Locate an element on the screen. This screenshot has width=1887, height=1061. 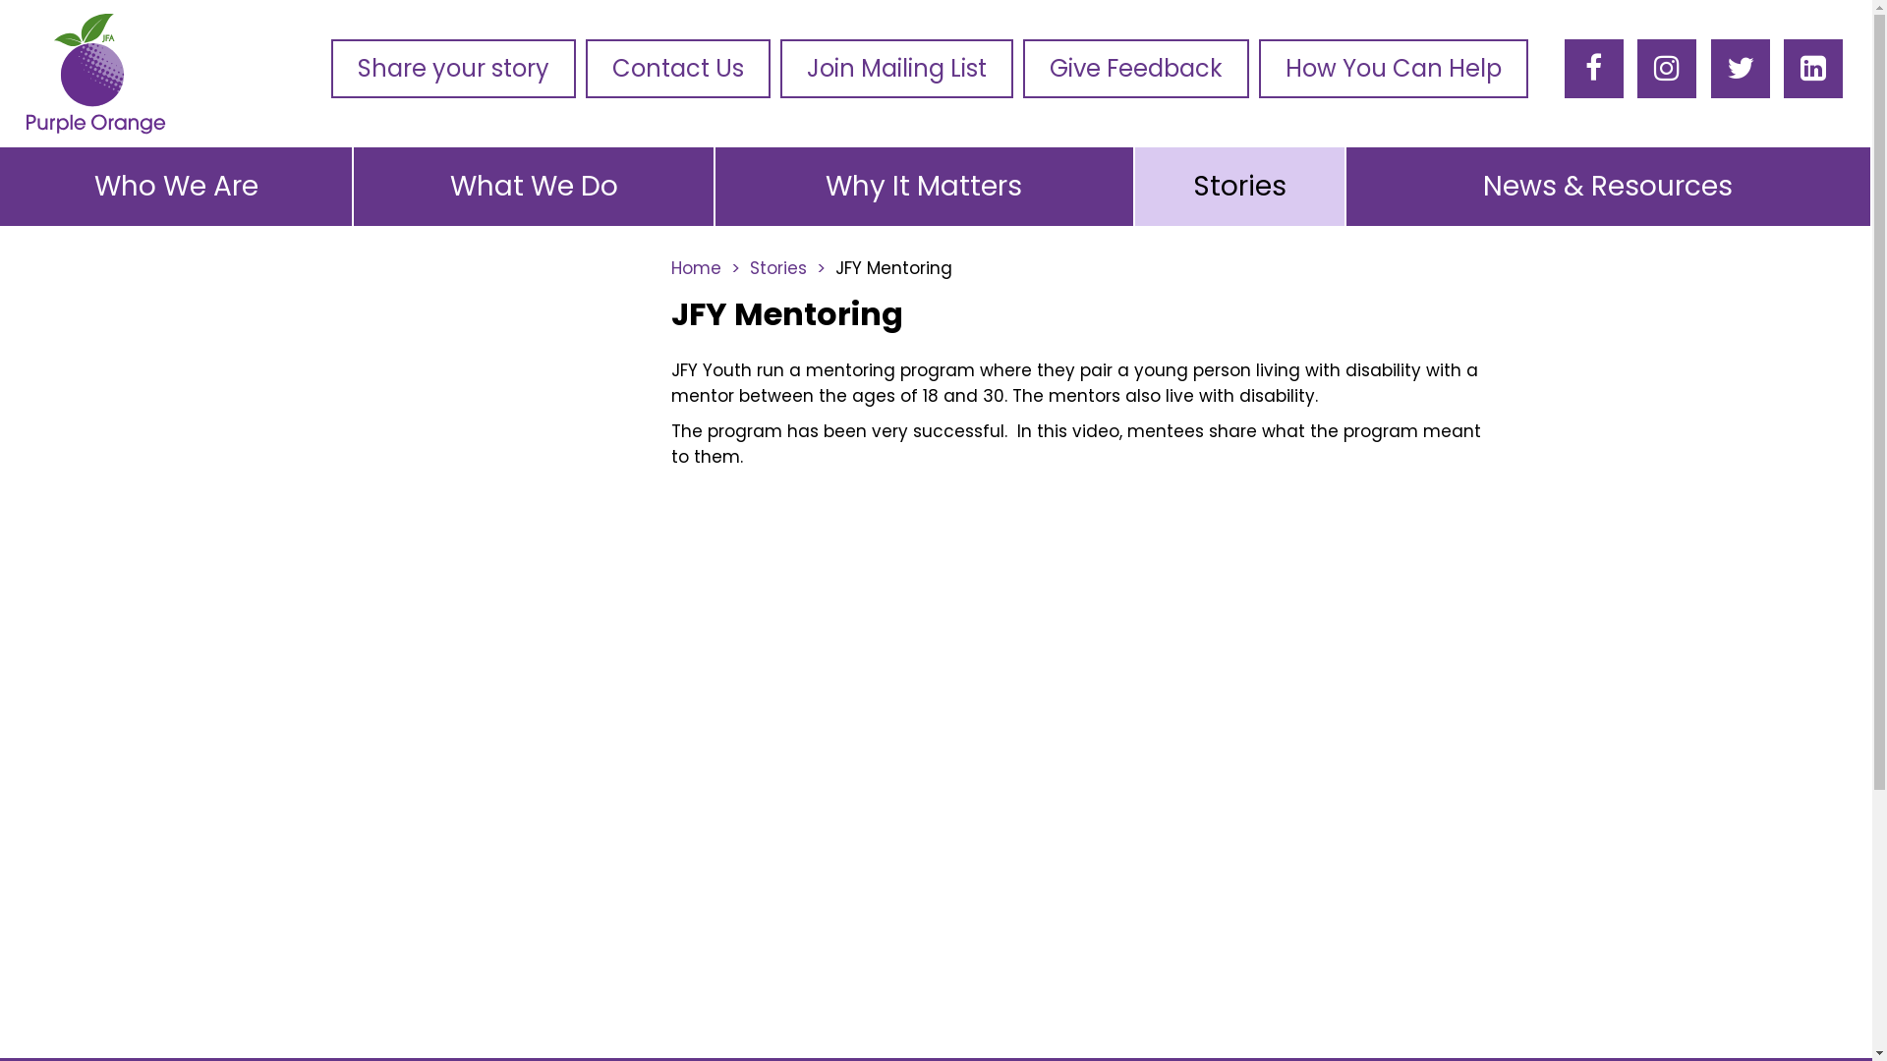
'Stories' is located at coordinates (786, 268).